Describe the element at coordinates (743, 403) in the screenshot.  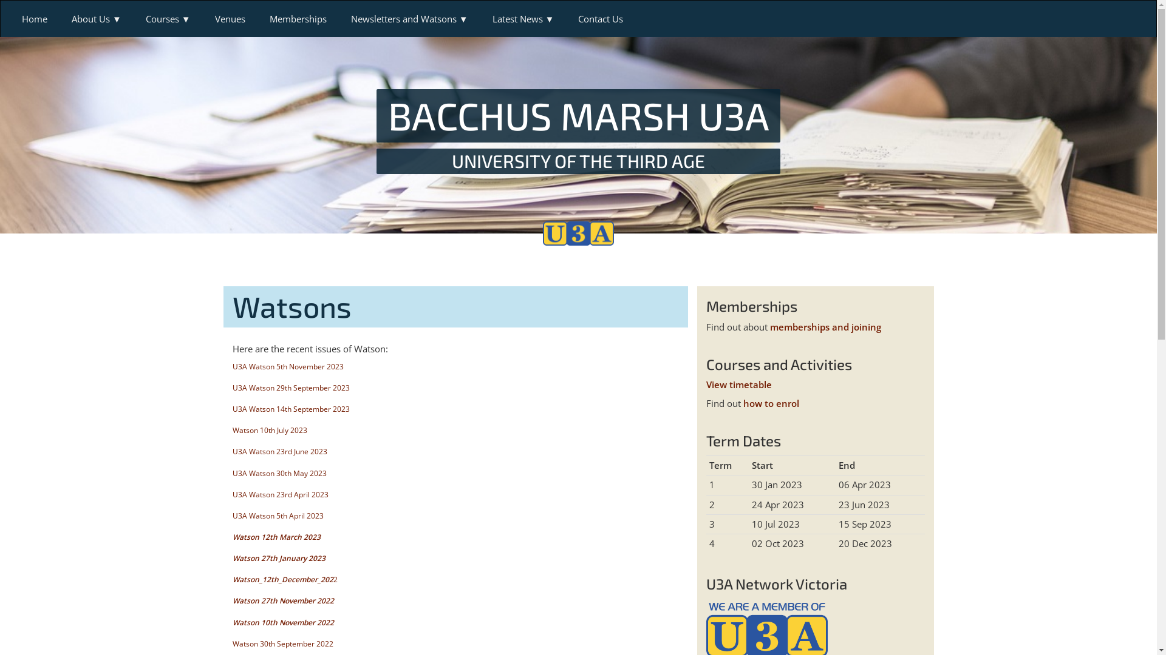
I see `'how to enrol'` at that location.